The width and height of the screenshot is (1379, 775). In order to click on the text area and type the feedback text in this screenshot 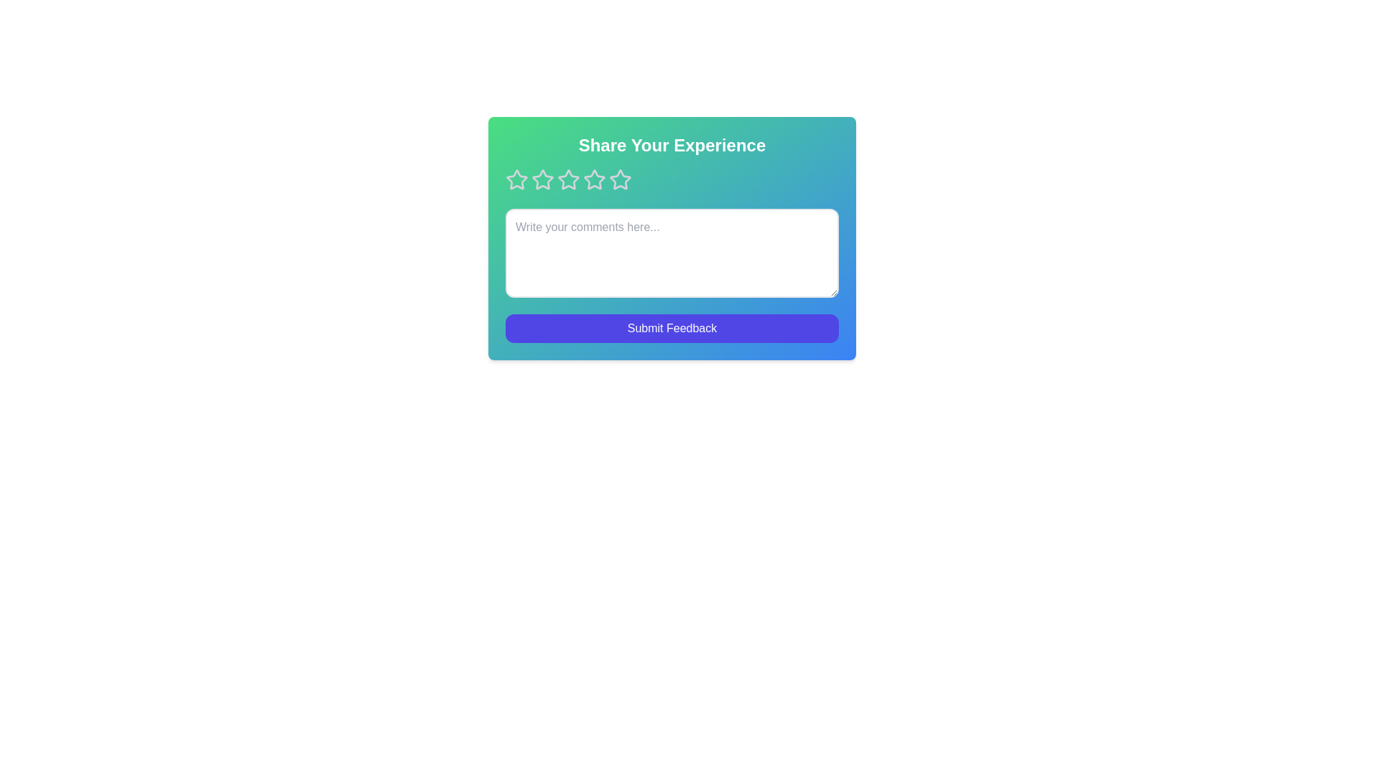, I will do `click(672, 253)`.